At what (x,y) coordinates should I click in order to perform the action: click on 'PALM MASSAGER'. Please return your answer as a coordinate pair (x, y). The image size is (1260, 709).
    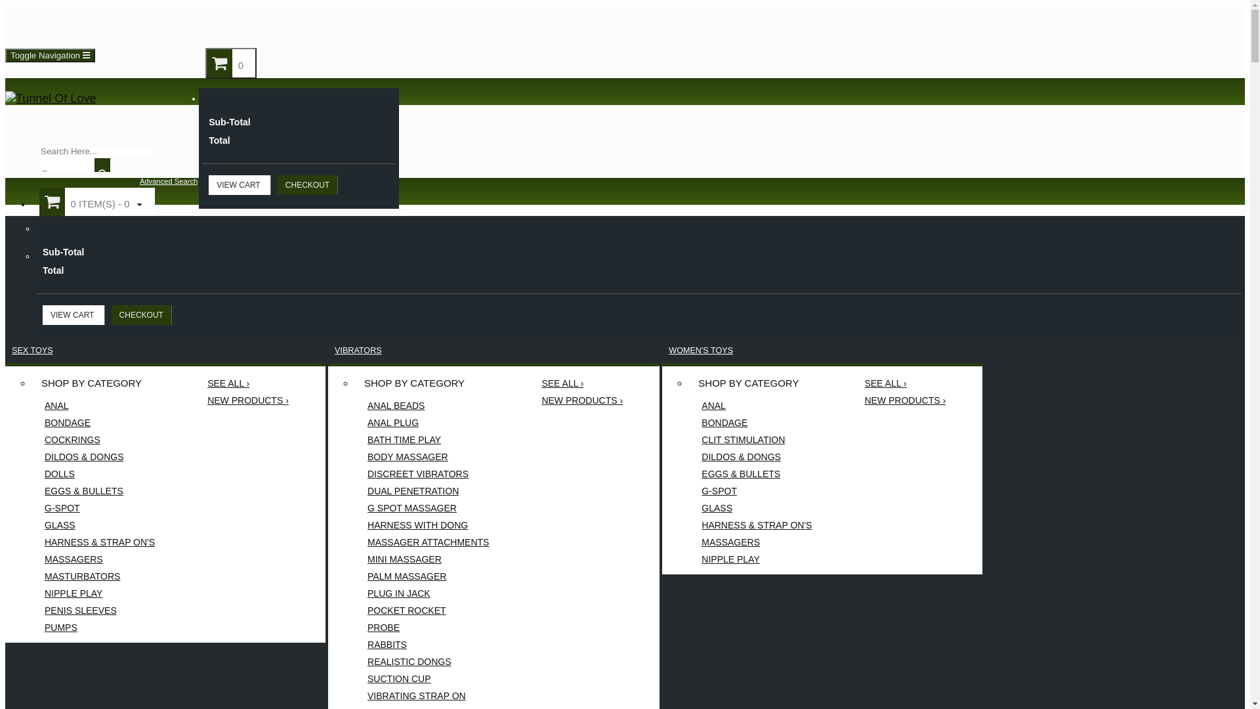
    Looking at the image, I should click on (428, 576).